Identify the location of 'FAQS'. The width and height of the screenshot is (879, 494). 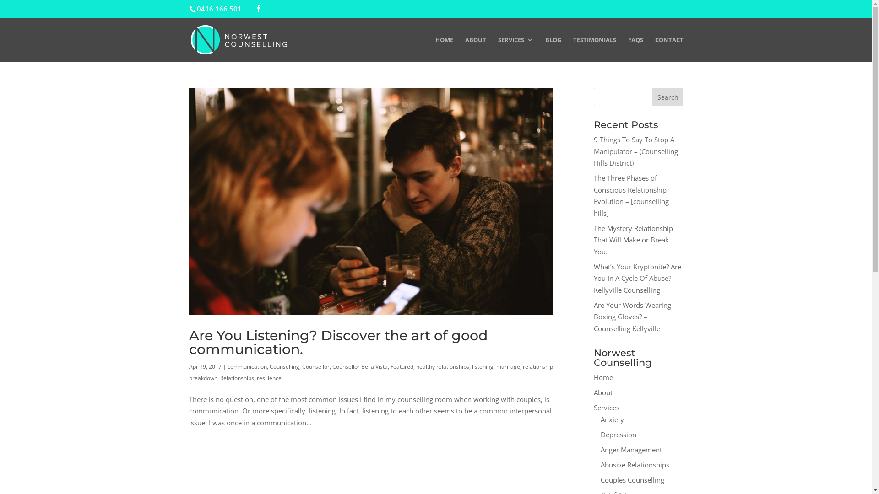
(635, 49).